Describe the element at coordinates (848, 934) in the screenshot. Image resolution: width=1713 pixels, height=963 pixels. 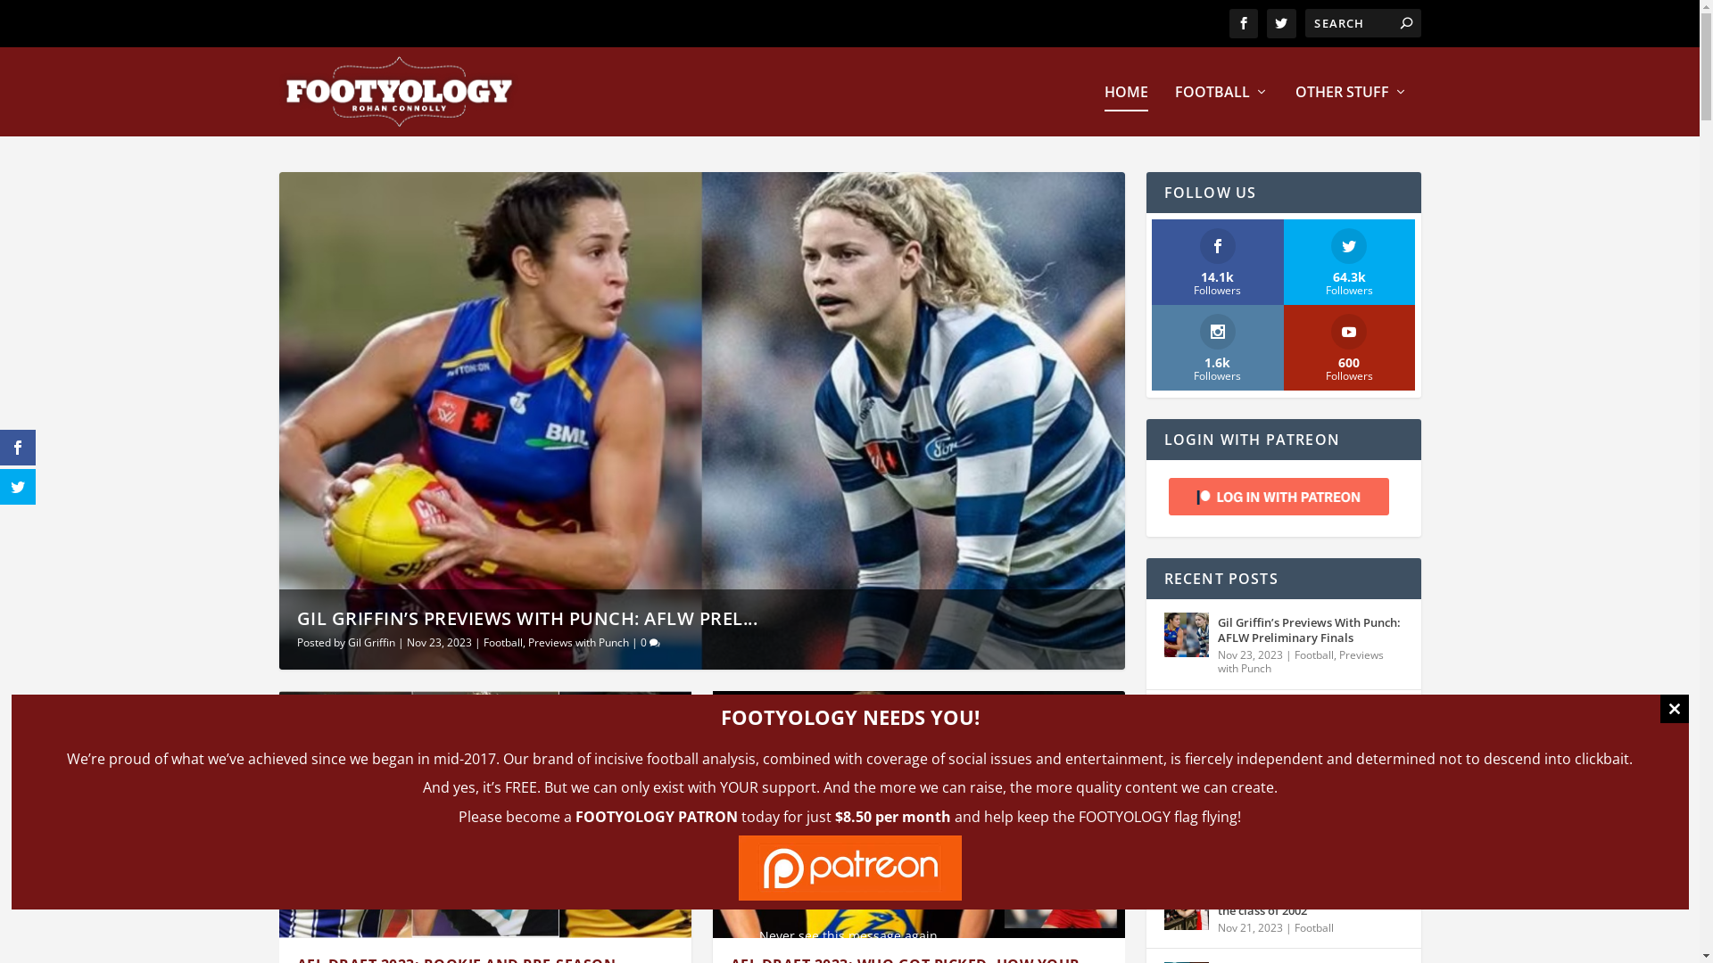
I see `'Never see this message again.'` at that location.